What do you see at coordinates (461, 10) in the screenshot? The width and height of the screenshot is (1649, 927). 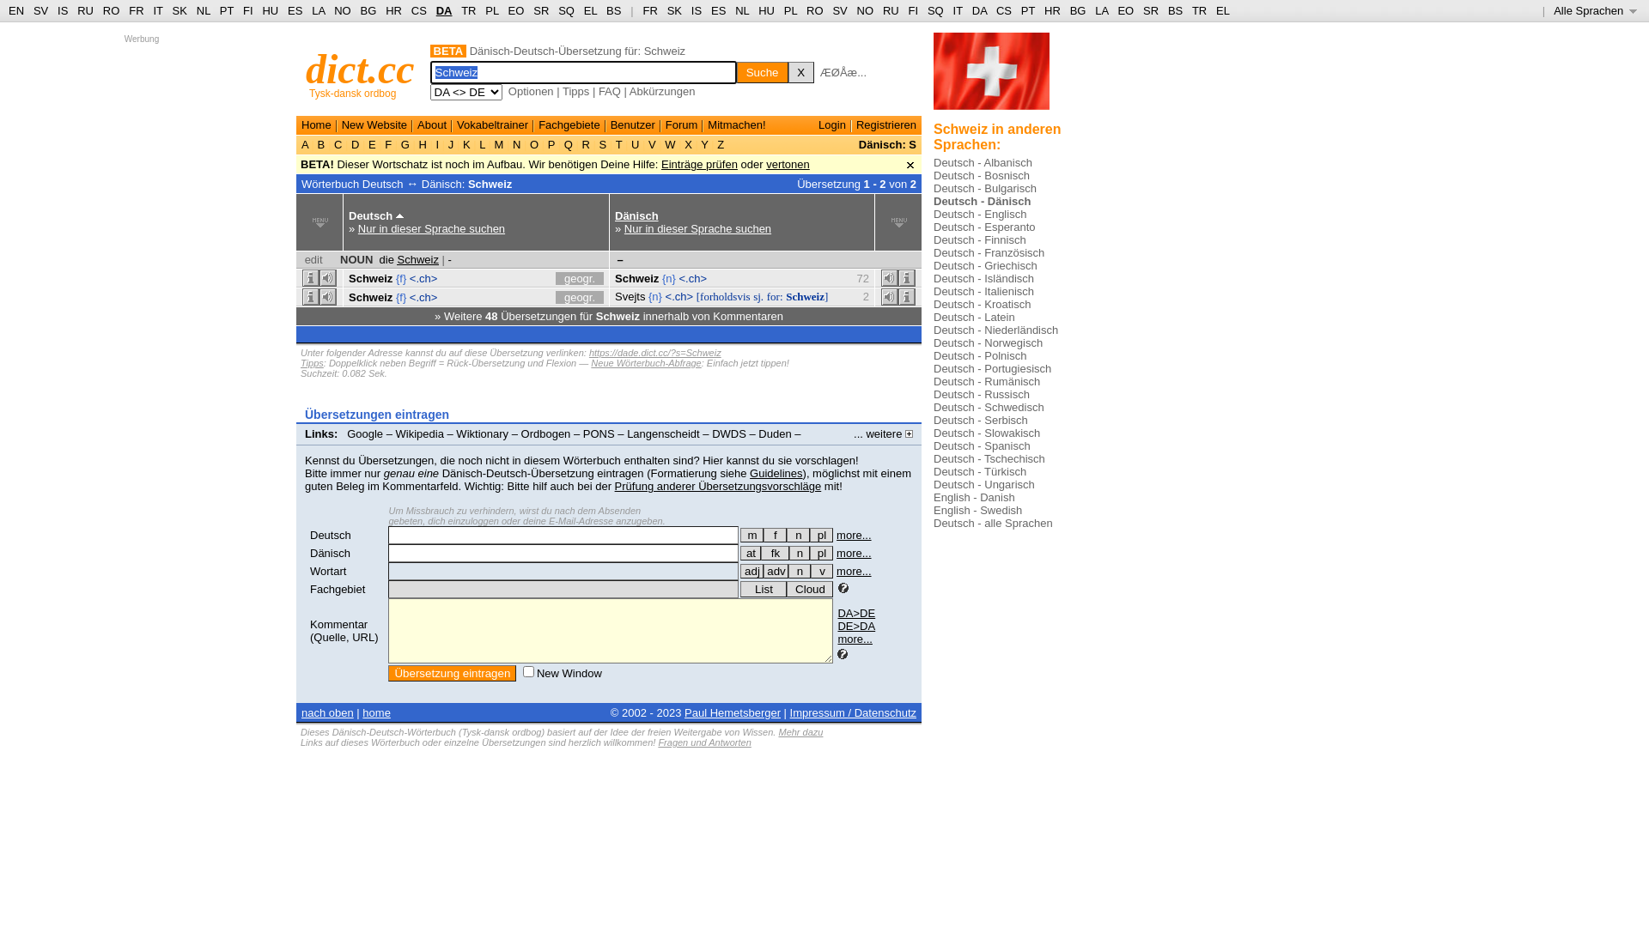 I see `'TR'` at bounding box center [461, 10].